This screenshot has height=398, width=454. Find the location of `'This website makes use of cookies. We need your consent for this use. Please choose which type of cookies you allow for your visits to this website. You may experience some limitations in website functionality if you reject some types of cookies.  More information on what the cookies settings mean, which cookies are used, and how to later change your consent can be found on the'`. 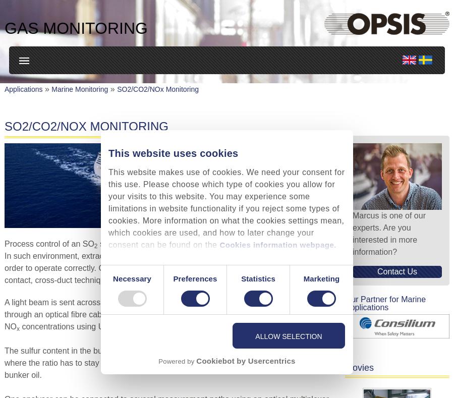

'This website makes use of cookies. We need your consent for this use. Please choose which type of cookies you allow for your visits to this website. You may experience some limitations in website functionality if you reject some types of cookies.  More information on what the cookies settings mean, which cookies are used, and how to later change your consent can be found on the' is located at coordinates (226, 208).